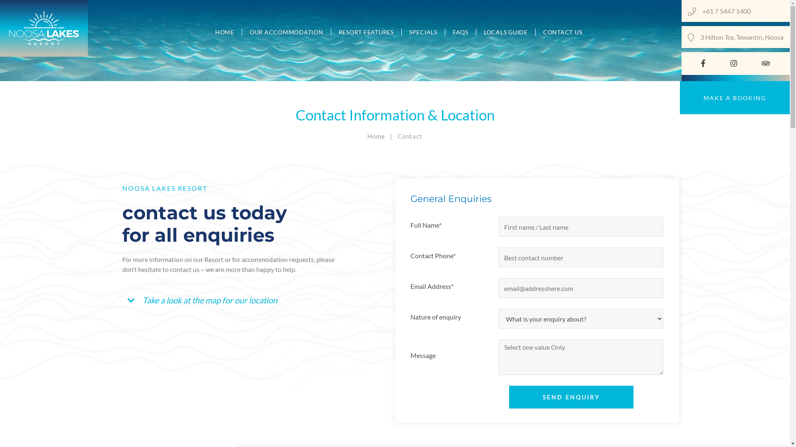  What do you see at coordinates (204, 300) in the screenshot?
I see `'Take a look at the map for our location'` at bounding box center [204, 300].